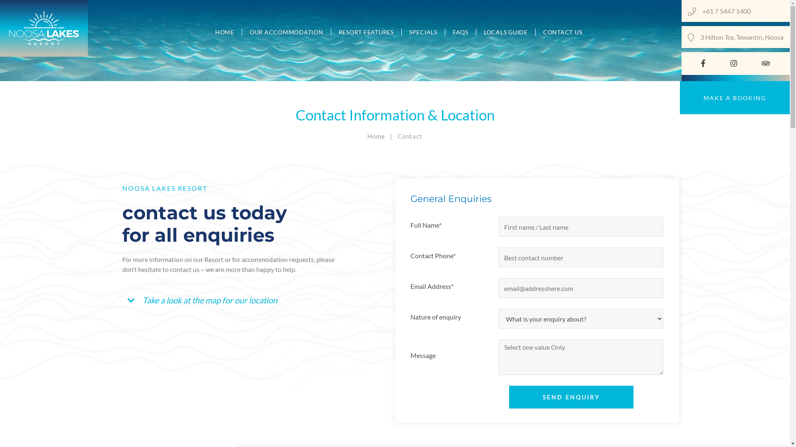  What do you see at coordinates (204, 300) in the screenshot?
I see `'Take a look at the map for our location'` at bounding box center [204, 300].